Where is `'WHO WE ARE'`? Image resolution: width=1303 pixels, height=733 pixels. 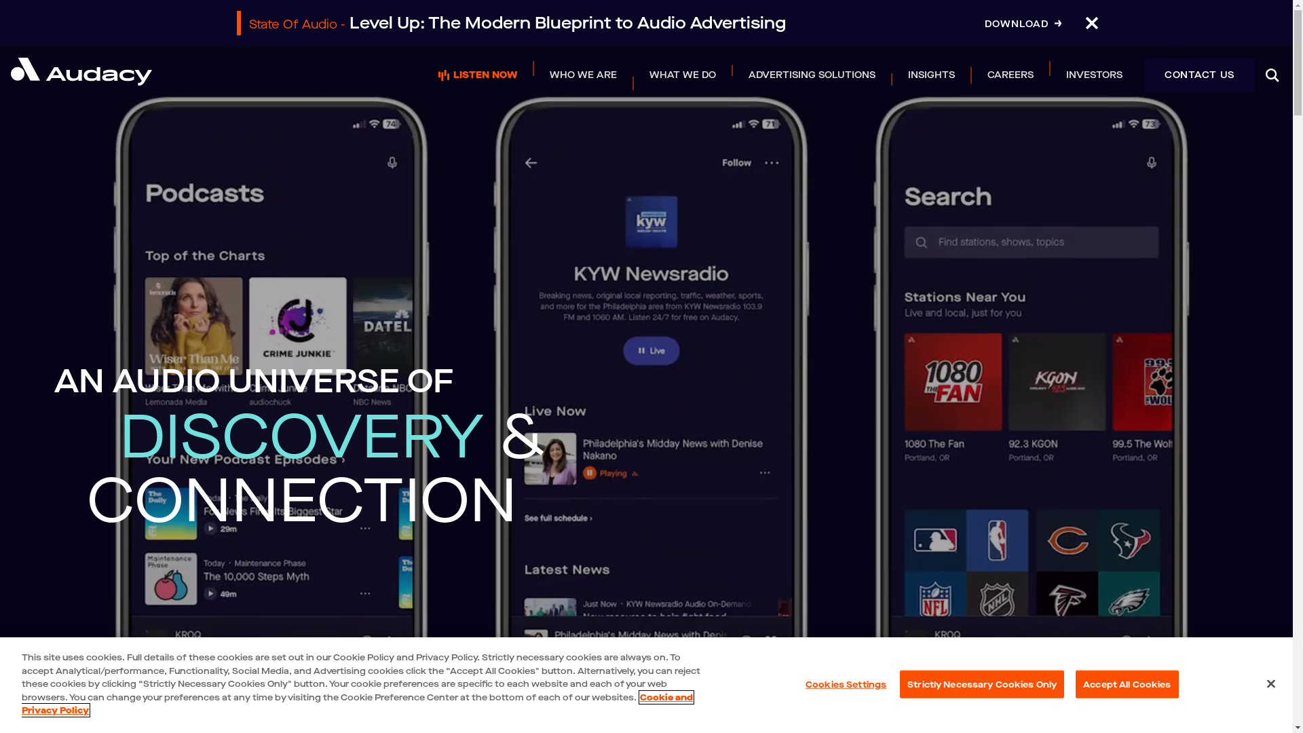
'WHO WE ARE' is located at coordinates (583, 75).